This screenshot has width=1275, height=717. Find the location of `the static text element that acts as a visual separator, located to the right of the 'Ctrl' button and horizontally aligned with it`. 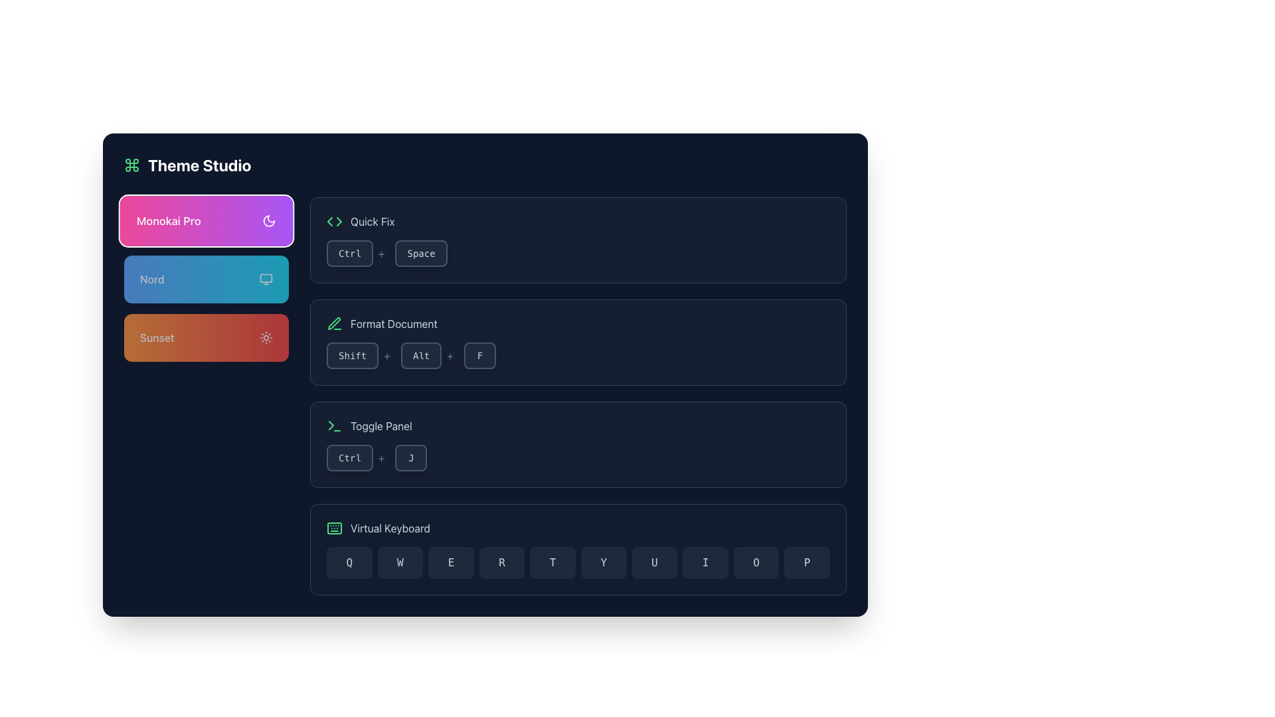

the static text element that acts as a visual separator, located to the right of the 'Ctrl' button and horizontally aligned with it is located at coordinates (381, 253).